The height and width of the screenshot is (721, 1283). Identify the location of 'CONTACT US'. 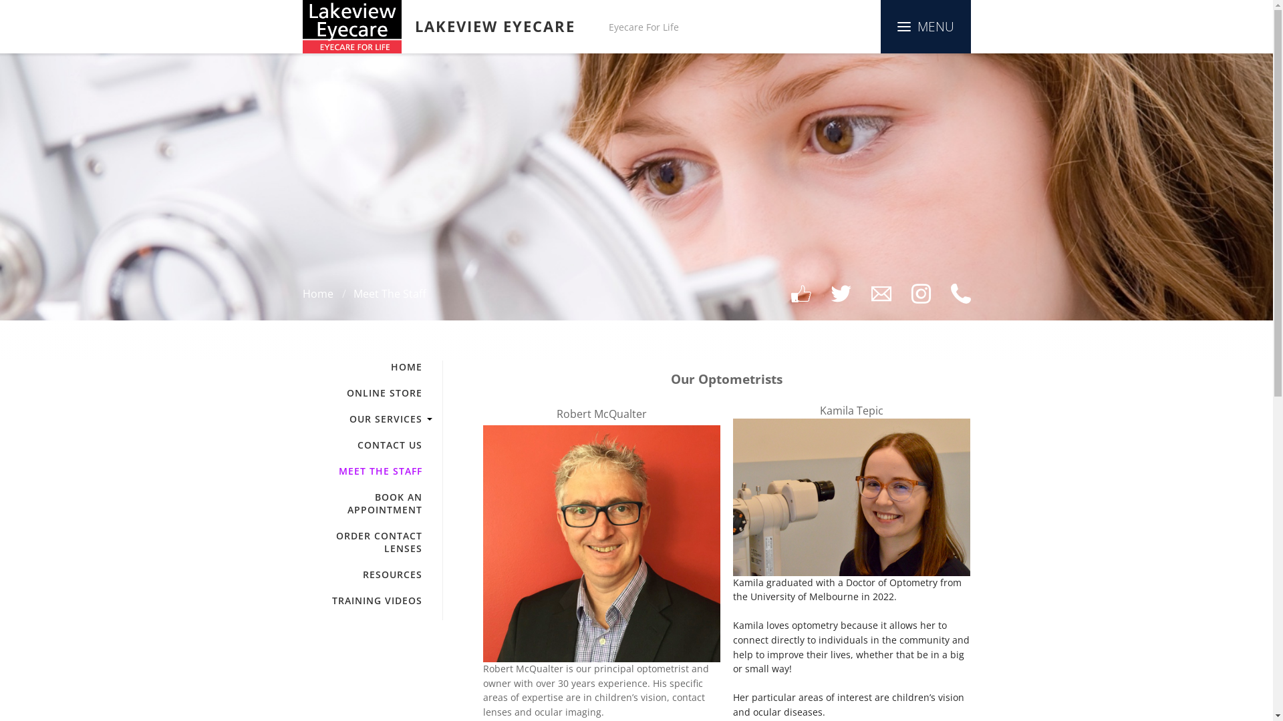
(362, 445).